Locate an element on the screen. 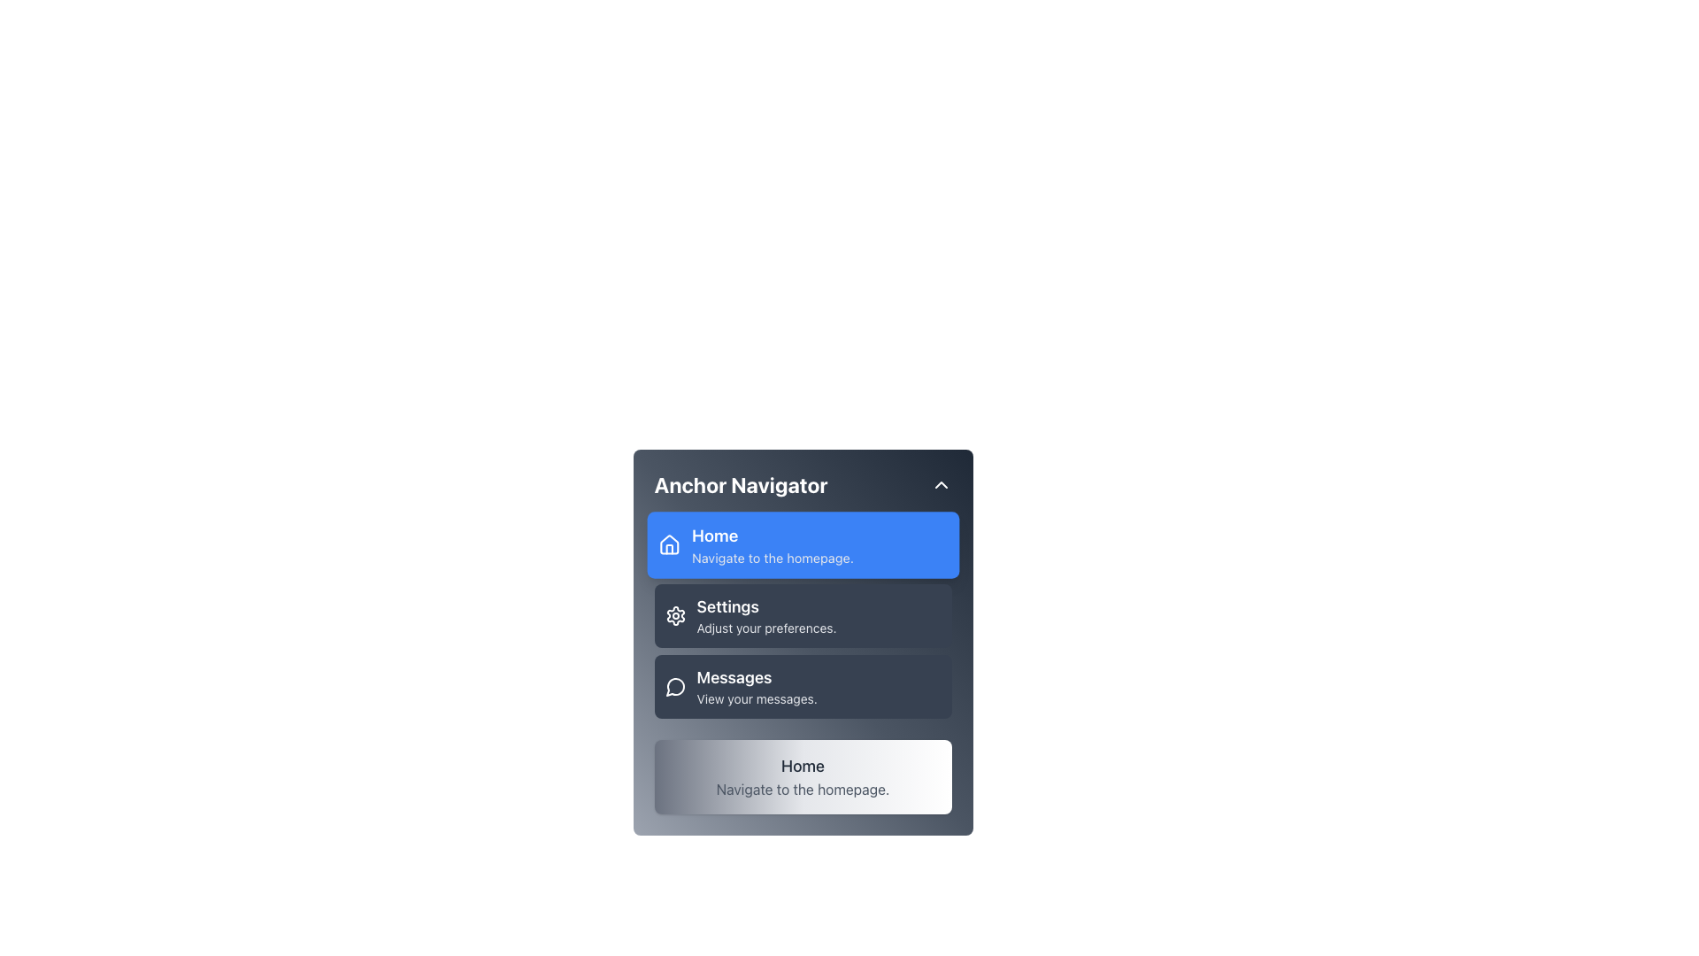 The height and width of the screenshot is (956, 1699). the text component displaying 'Navigate to the homepage.' which is styled in gray and positioned below the title 'Home' within a light gray rounded rectangular card is located at coordinates (802, 788).